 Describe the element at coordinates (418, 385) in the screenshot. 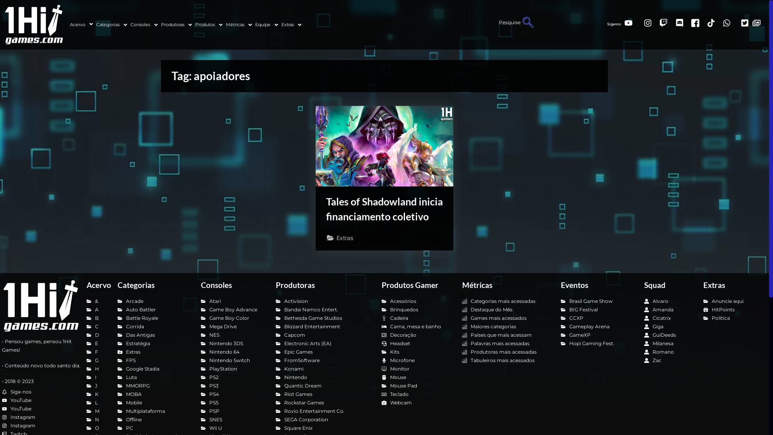

I see `'Mouse Pad'` at that location.